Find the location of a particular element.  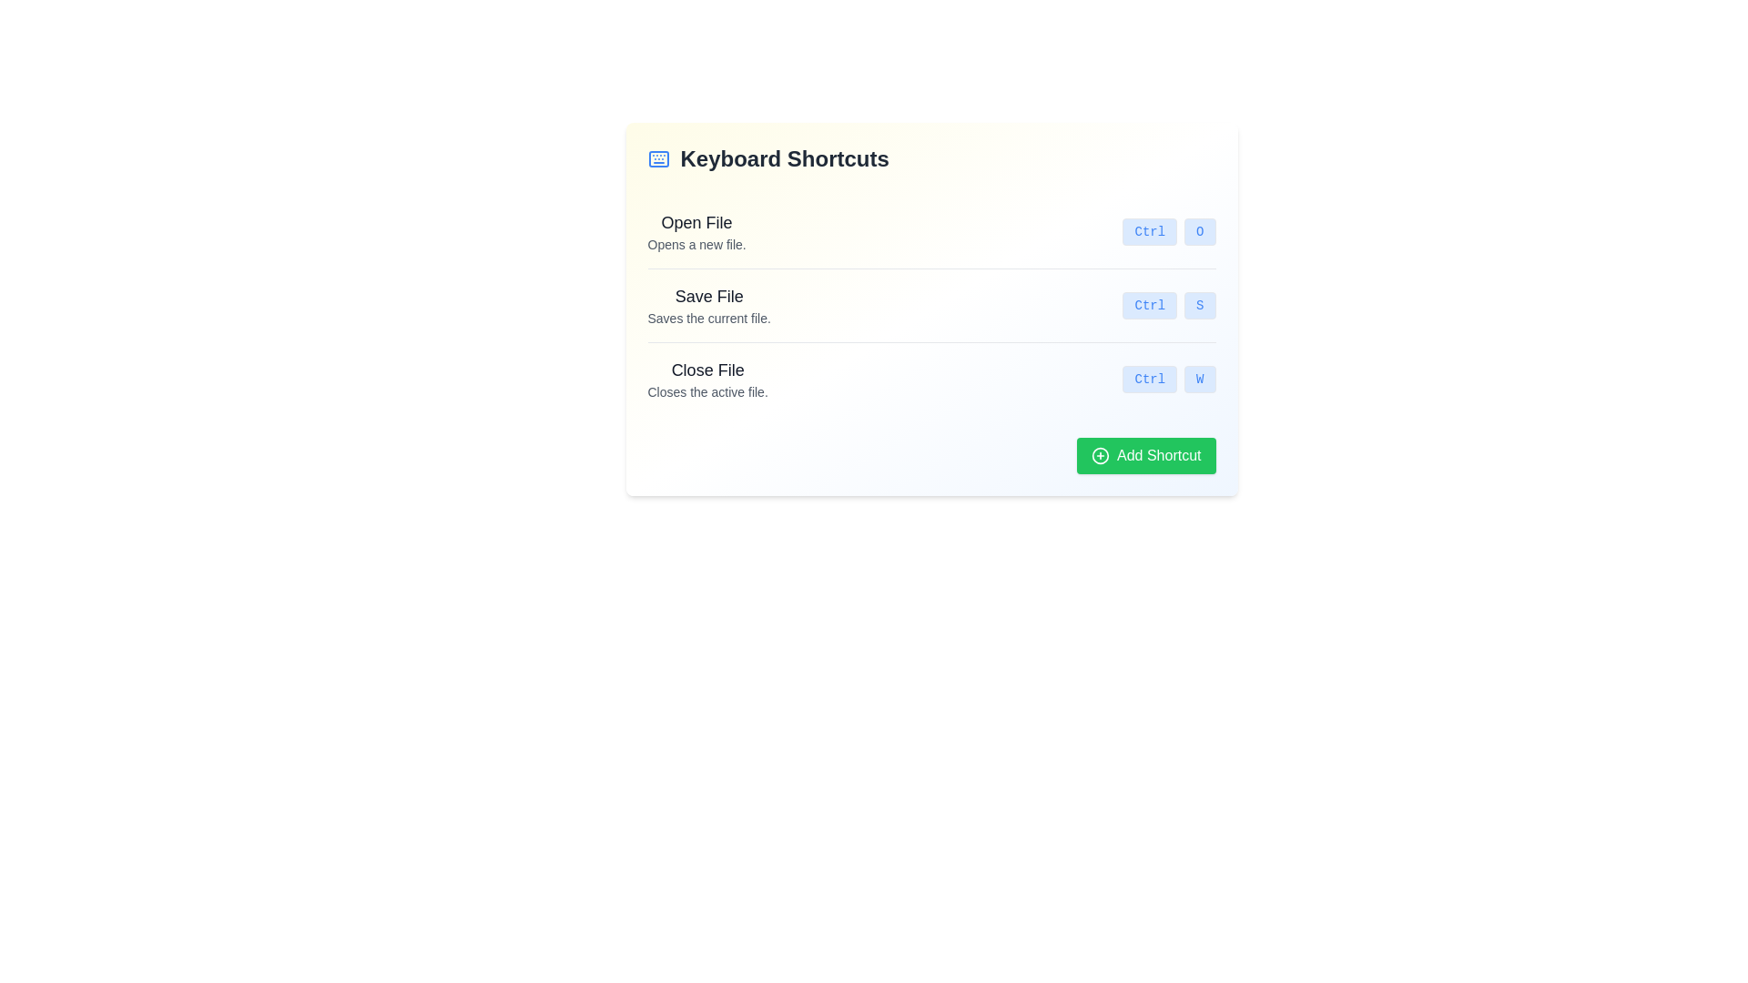

the descriptive text label that explains the function of saving the current file, positioned below the 'Save File' text and aligned within the same visual box is located at coordinates (708, 318).